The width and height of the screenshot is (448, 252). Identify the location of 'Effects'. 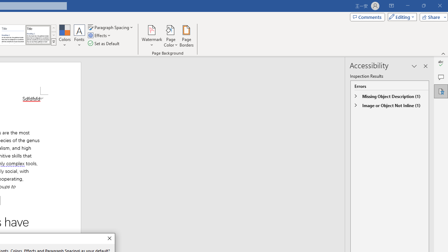
(99, 35).